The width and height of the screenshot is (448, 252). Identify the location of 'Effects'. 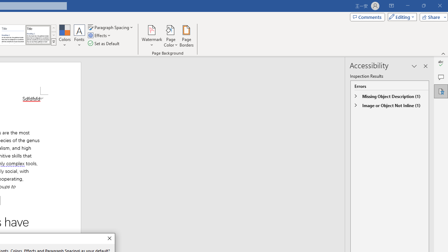
(99, 35).